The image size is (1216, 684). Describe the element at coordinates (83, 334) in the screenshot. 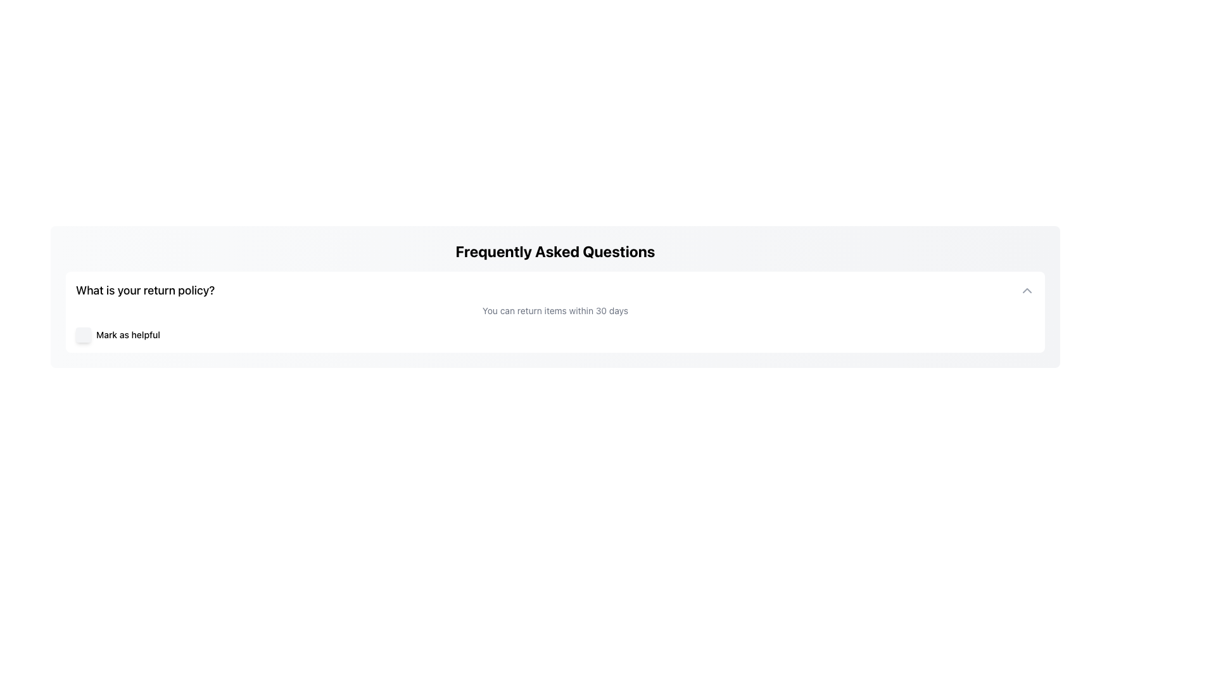

I see `the interactive checkbox near the bottom-left corner of the FAQ content box to mark it as checked` at that location.